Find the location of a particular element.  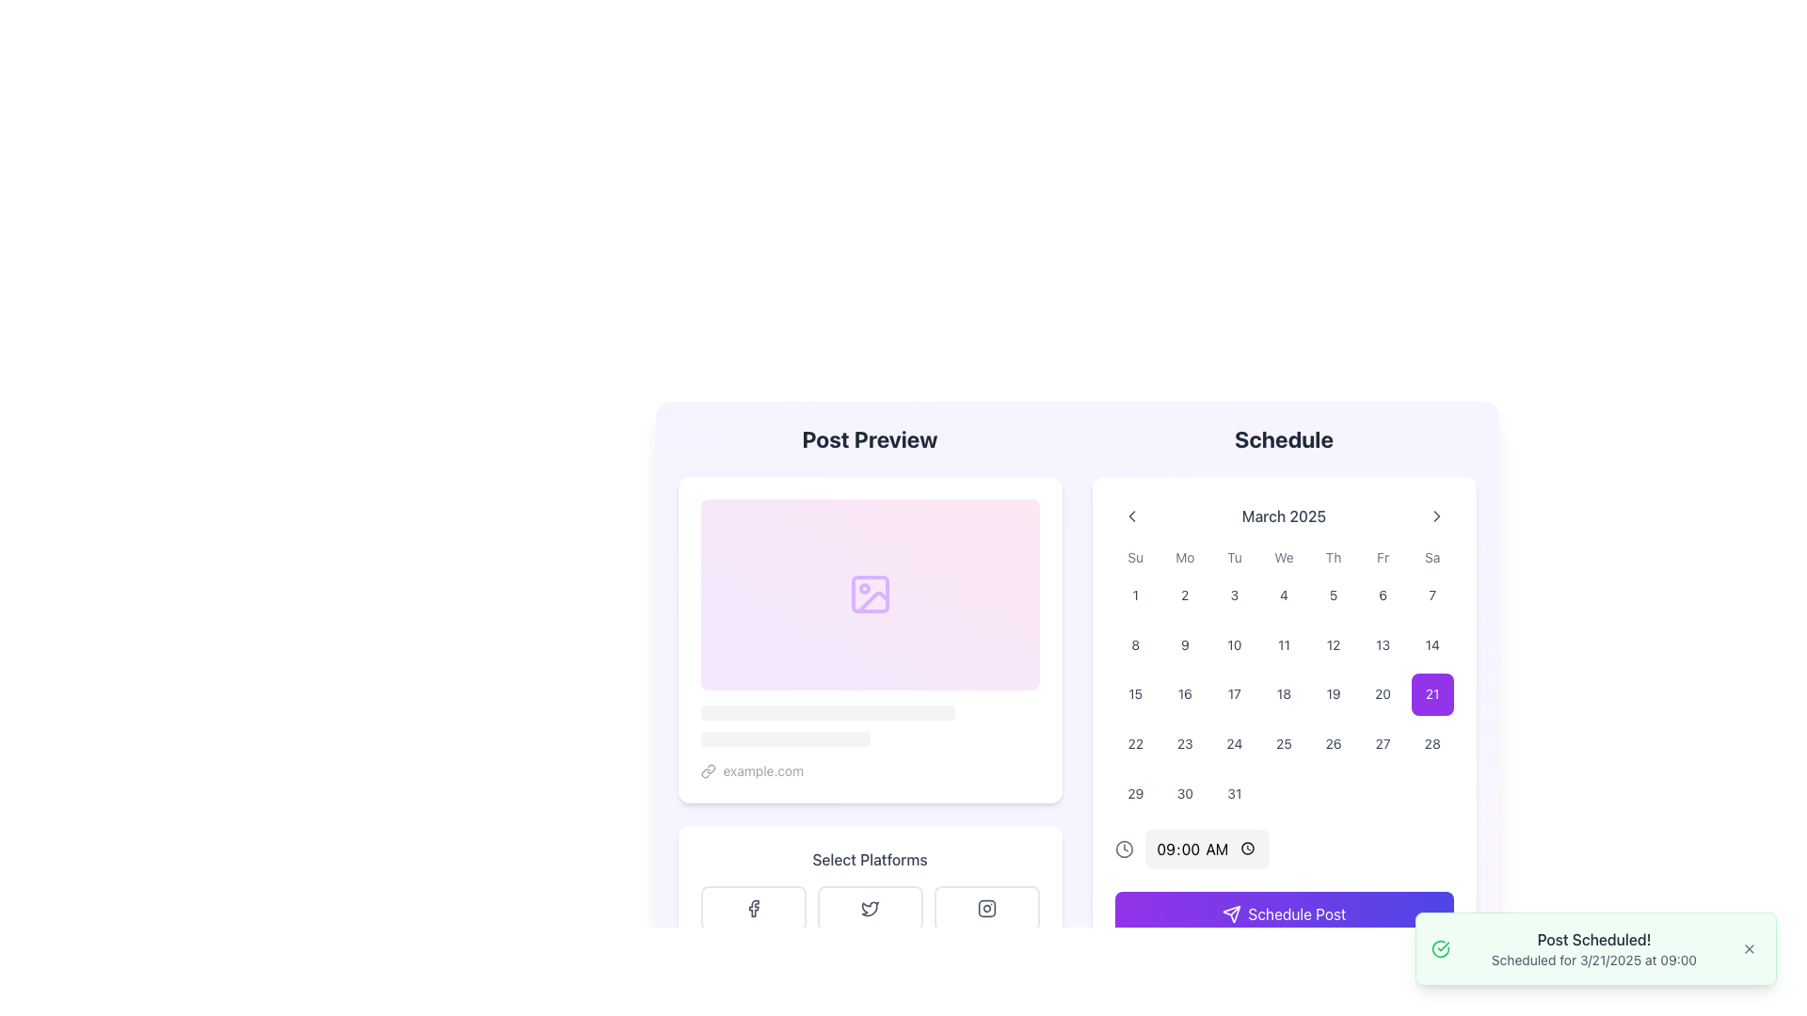

the image or video placeholder, which features a gradient background transitioning from purple to pink and contains a light purple abstract symbol at its center is located at coordinates (869, 595).